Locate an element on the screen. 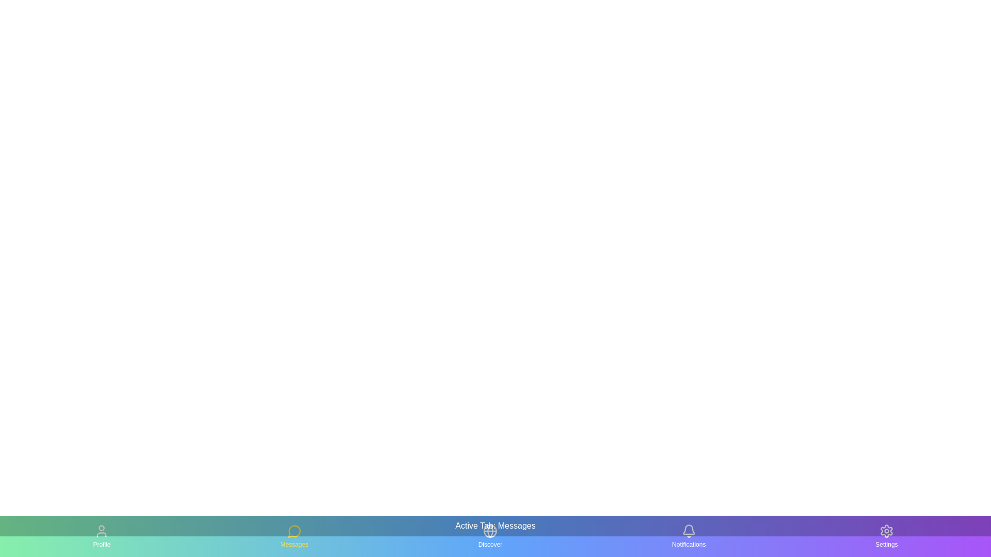  the tab icon corresponding to Settings is located at coordinates (886, 536).